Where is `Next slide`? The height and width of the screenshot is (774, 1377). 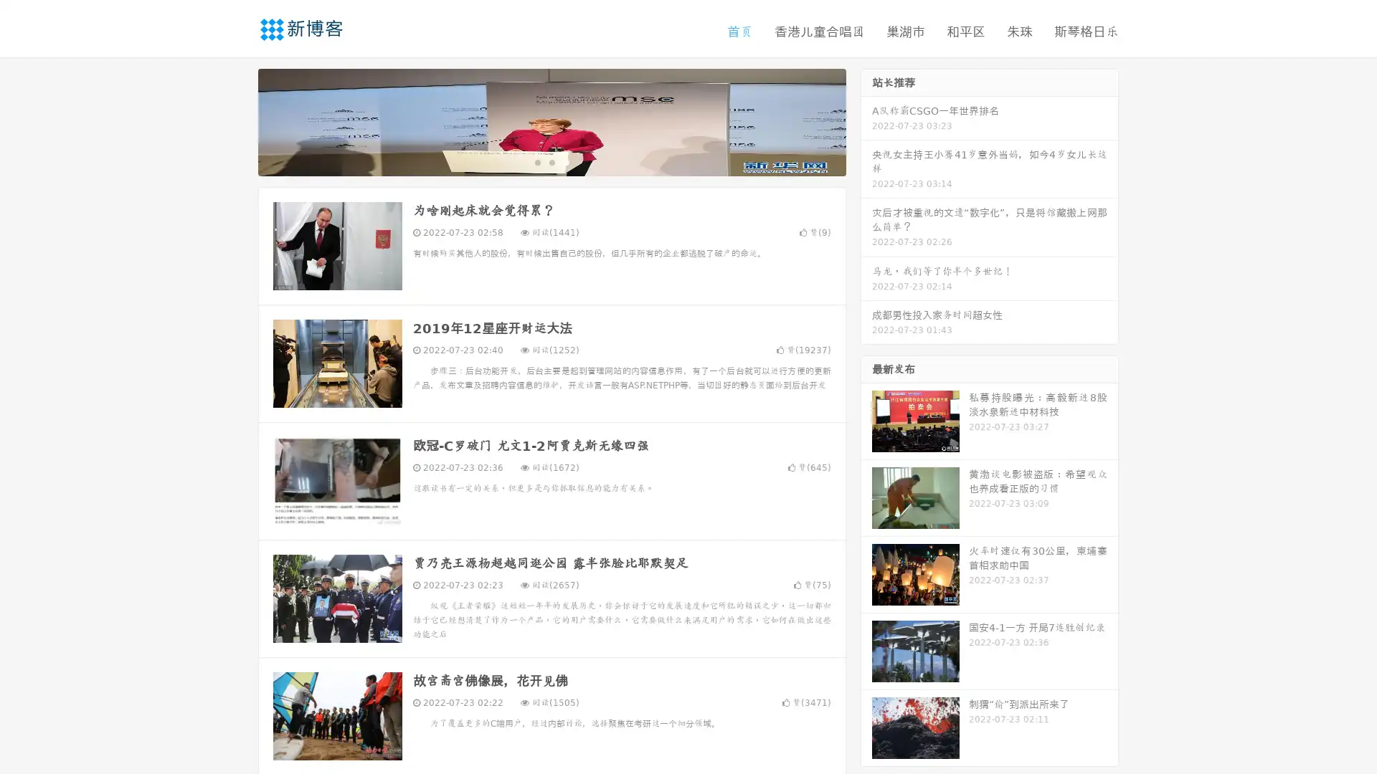
Next slide is located at coordinates (866, 120).